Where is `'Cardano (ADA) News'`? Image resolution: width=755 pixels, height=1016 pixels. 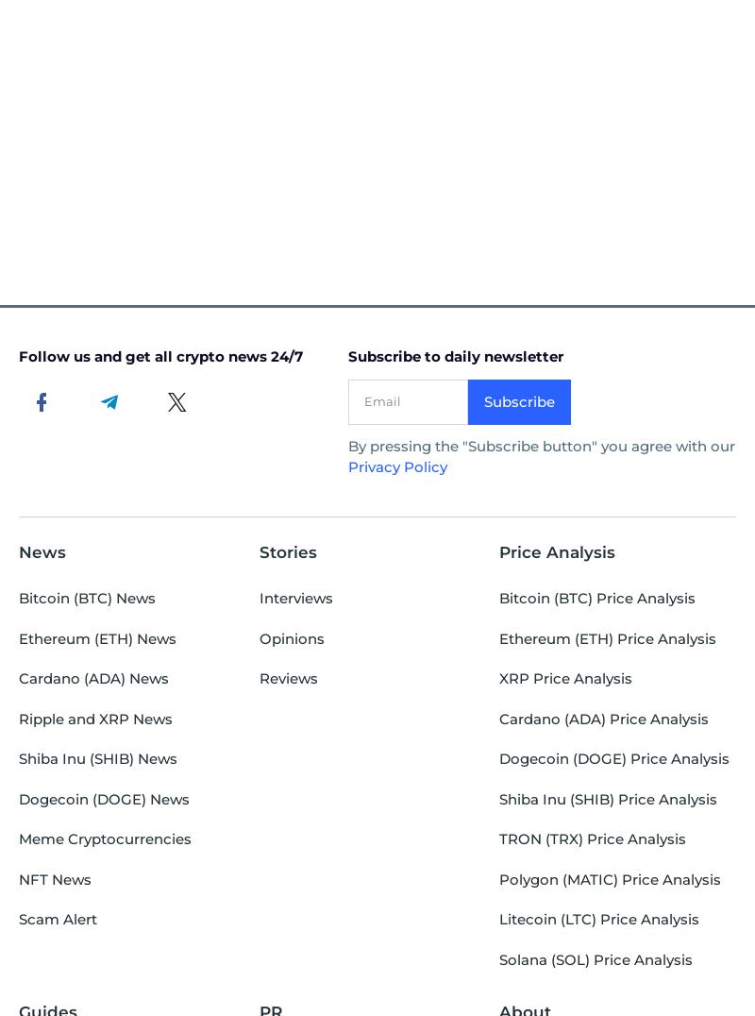 'Cardano (ADA) News' is located at coordinates (93, 677).